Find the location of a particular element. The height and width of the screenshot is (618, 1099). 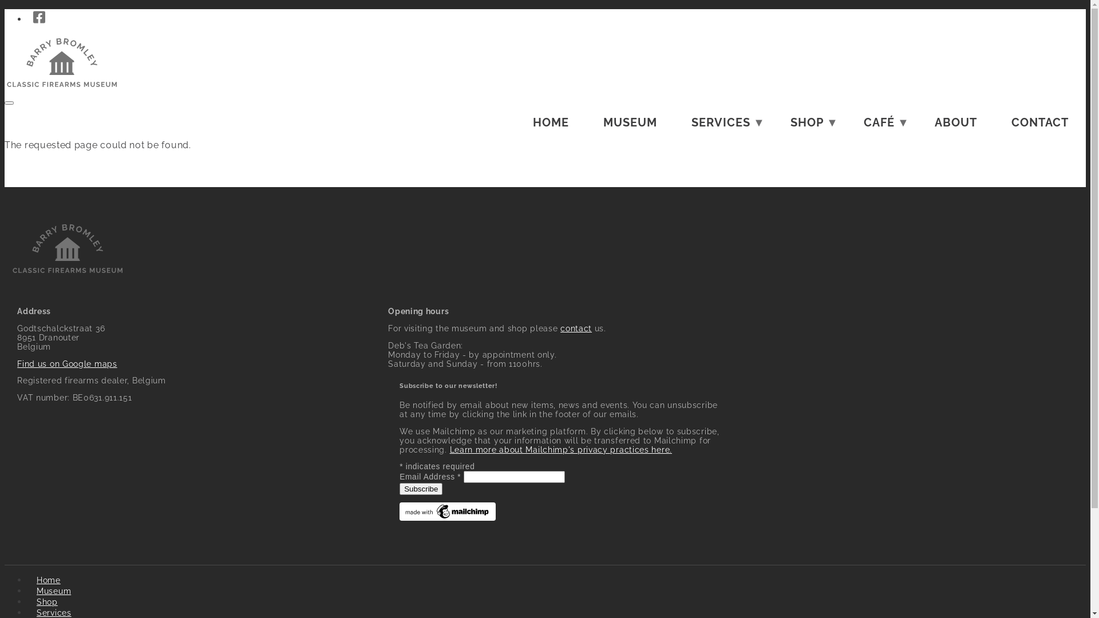

'Mailchimp - email marketing made easy and fun' is located at coordinates (399, 518).